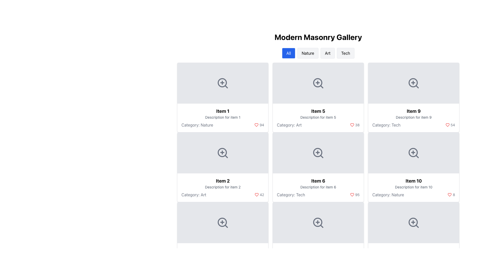 The width and height of the screenshot is (490, 275). Describe the element at coordinates (262, 125) in the screenshot. I see `the Text Label that displays the numeric count, located in the bottom right corner of the card labeled 'Item 6', positioned after a red heart-shaped icon` at that location.